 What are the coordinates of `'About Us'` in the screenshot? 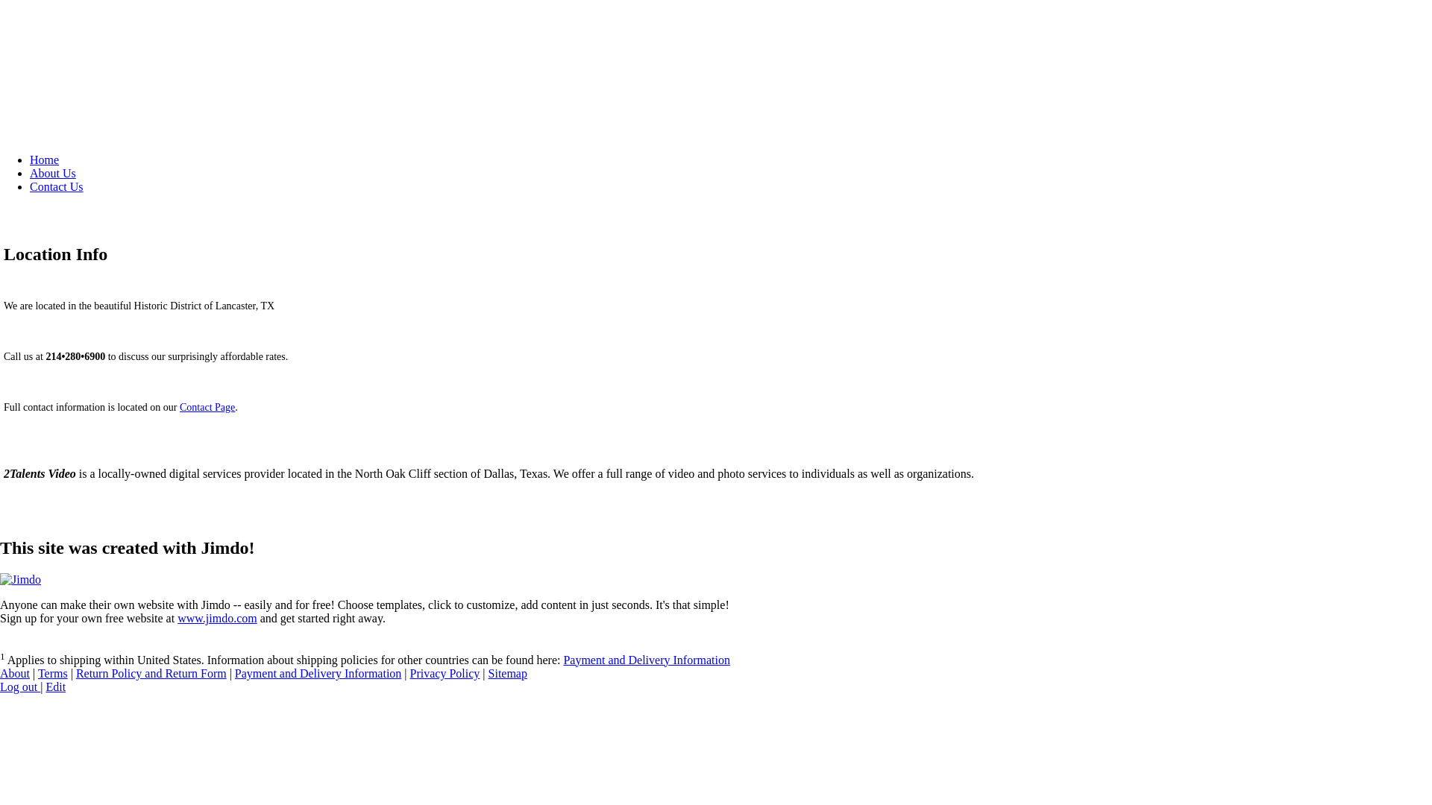 It's located at (29, 172).